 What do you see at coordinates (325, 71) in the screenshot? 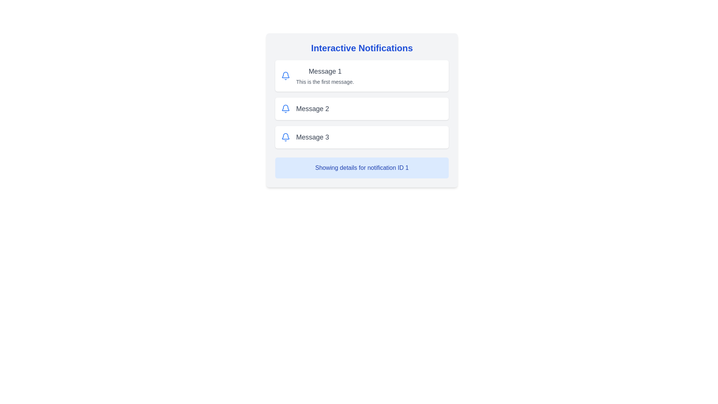
I see `the static text label that serves as the title for the notification 'Message 1', positioned at the top of the notification card` at bounding box center [325, 71].